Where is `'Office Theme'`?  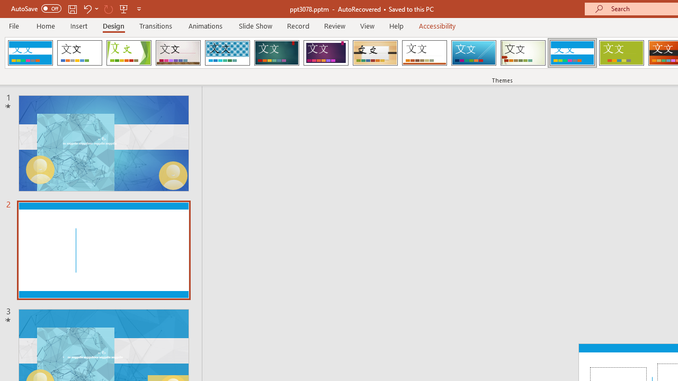 'Office Theme' is located at coordinates (79, 53).